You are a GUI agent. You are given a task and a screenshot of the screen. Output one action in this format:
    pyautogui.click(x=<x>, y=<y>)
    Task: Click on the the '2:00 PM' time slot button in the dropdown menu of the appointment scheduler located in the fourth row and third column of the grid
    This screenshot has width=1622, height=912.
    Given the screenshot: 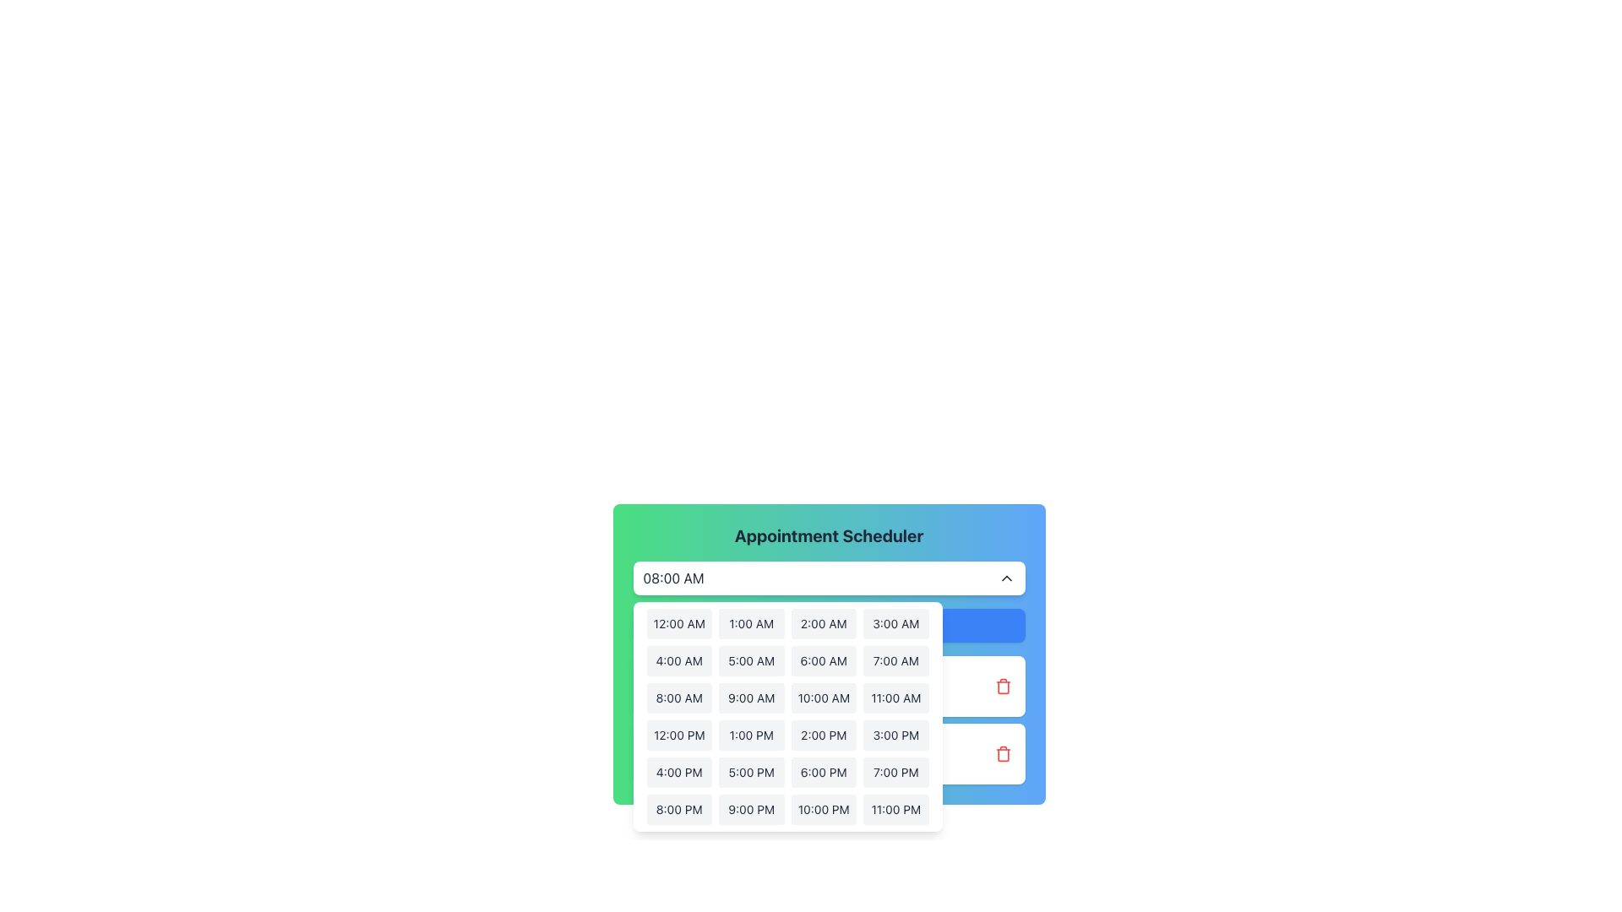 What is the action you would take?
    pyautogui.click(x=824, y=735)
    